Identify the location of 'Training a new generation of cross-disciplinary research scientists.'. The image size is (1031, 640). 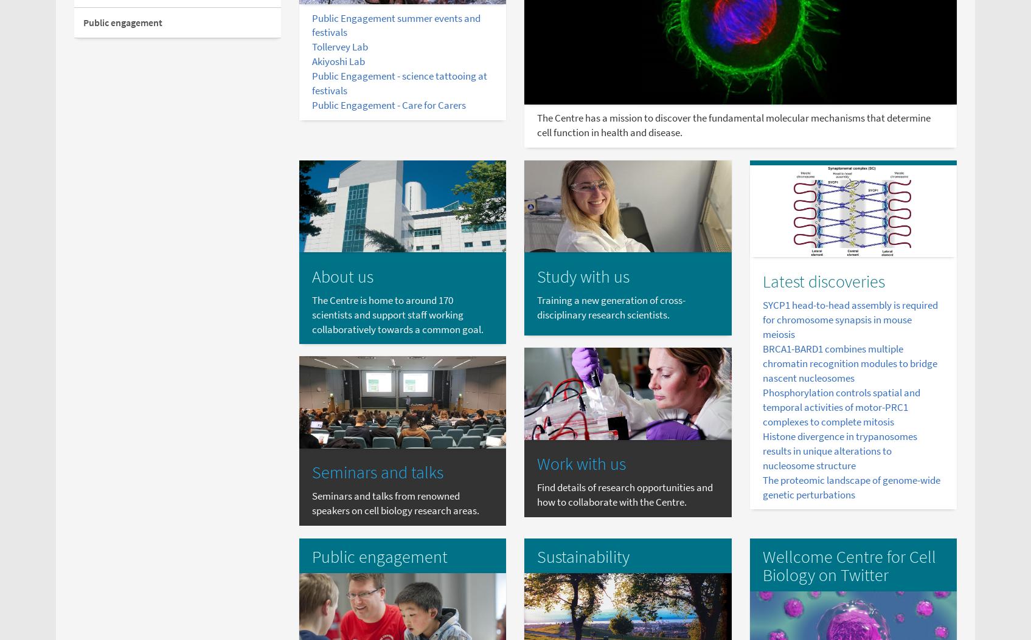
(610, 307).